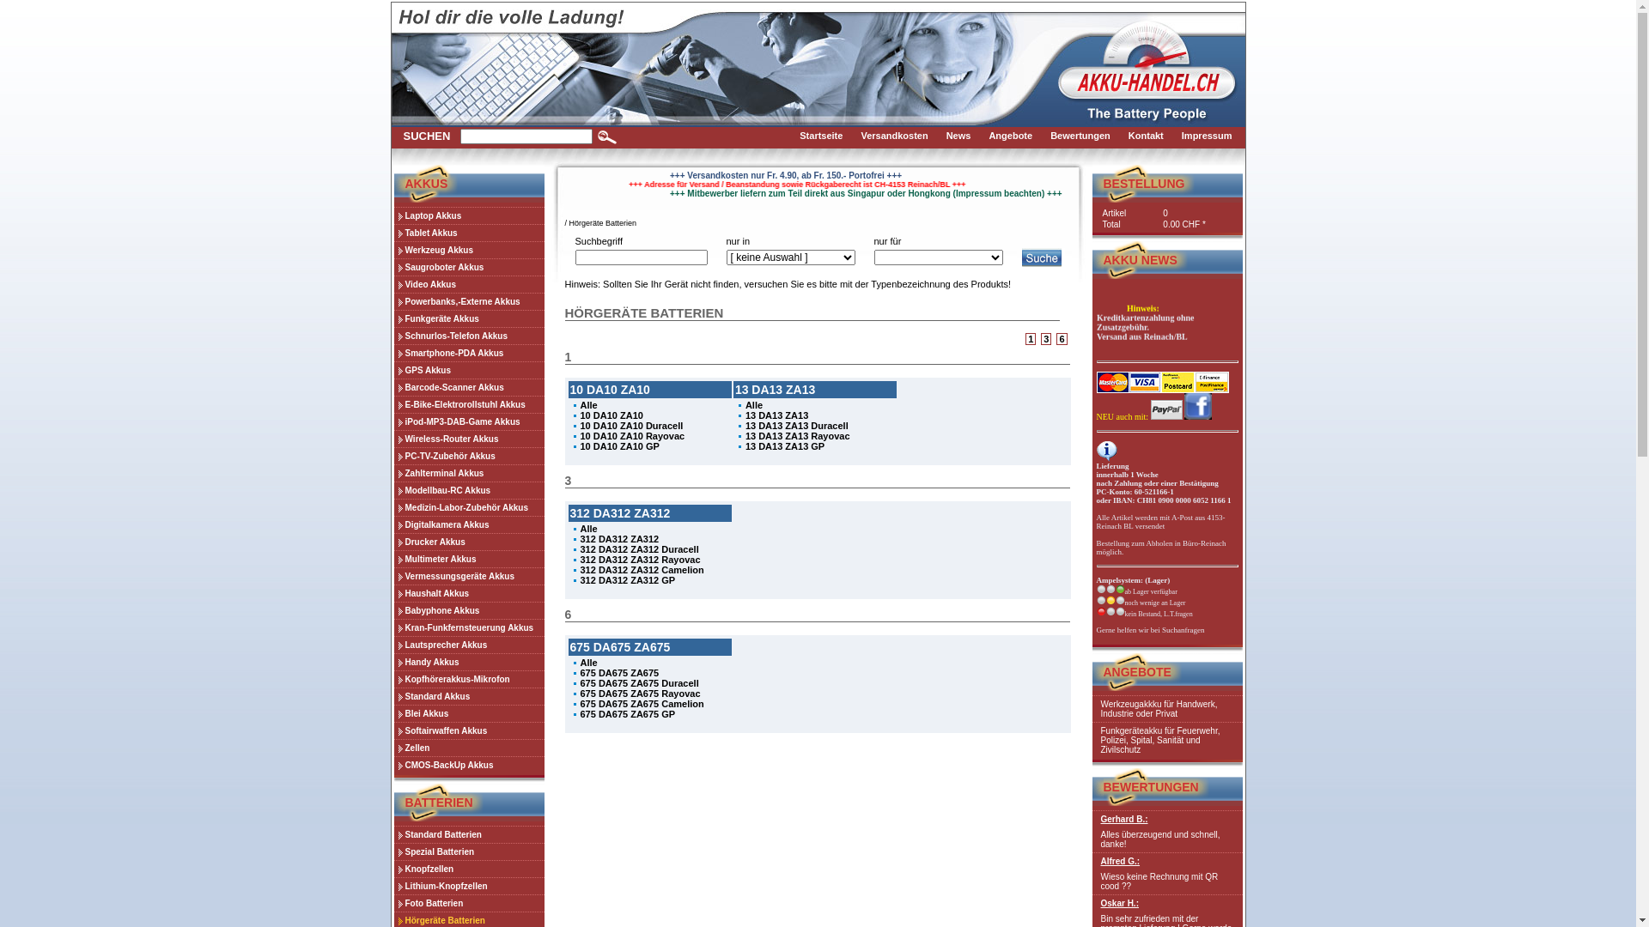  Describe the element at coordinates (468, 712) in the screenshot. I see `'Blei Akkus'` at that location.